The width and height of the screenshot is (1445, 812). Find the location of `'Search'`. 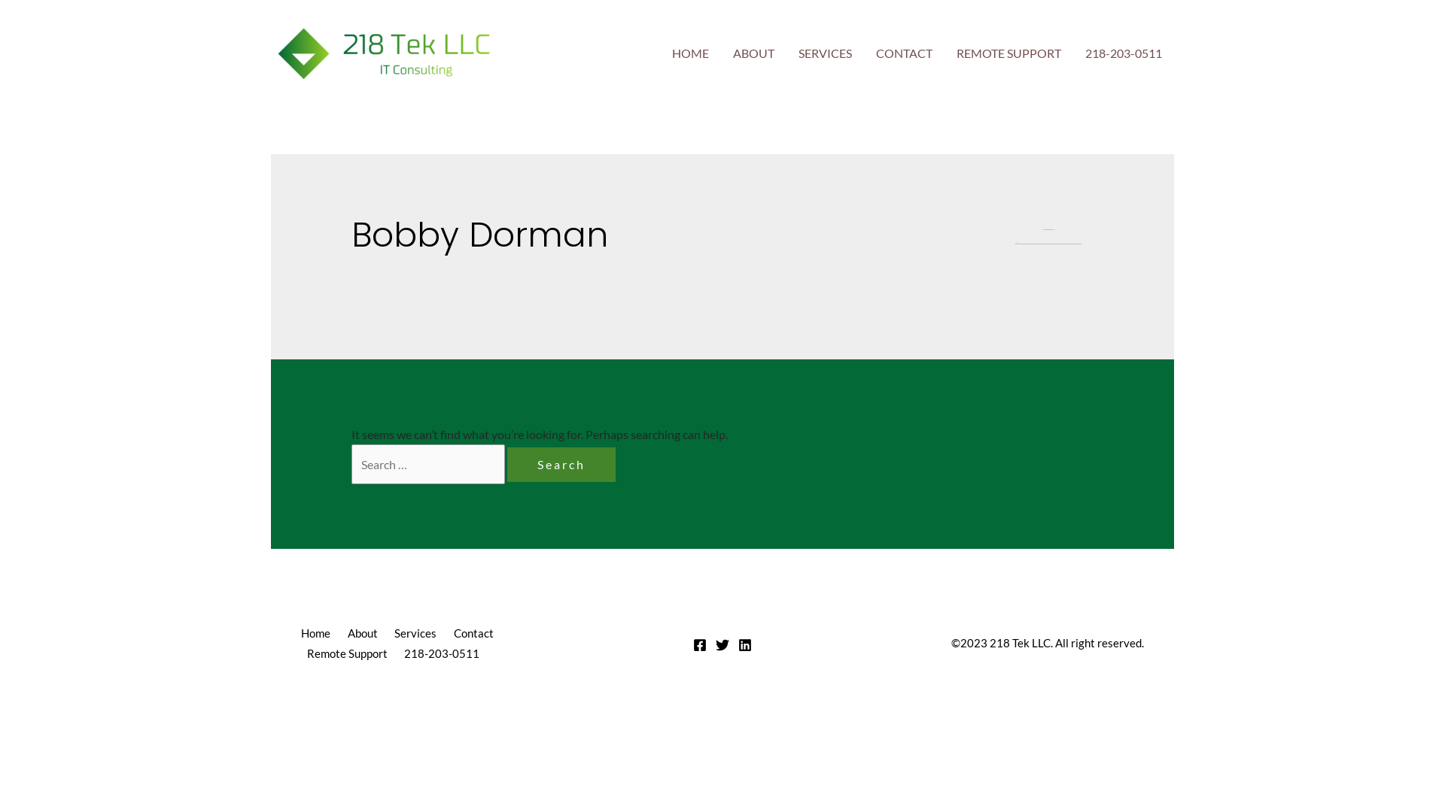

'Search' is located at coordinates (560, 463).